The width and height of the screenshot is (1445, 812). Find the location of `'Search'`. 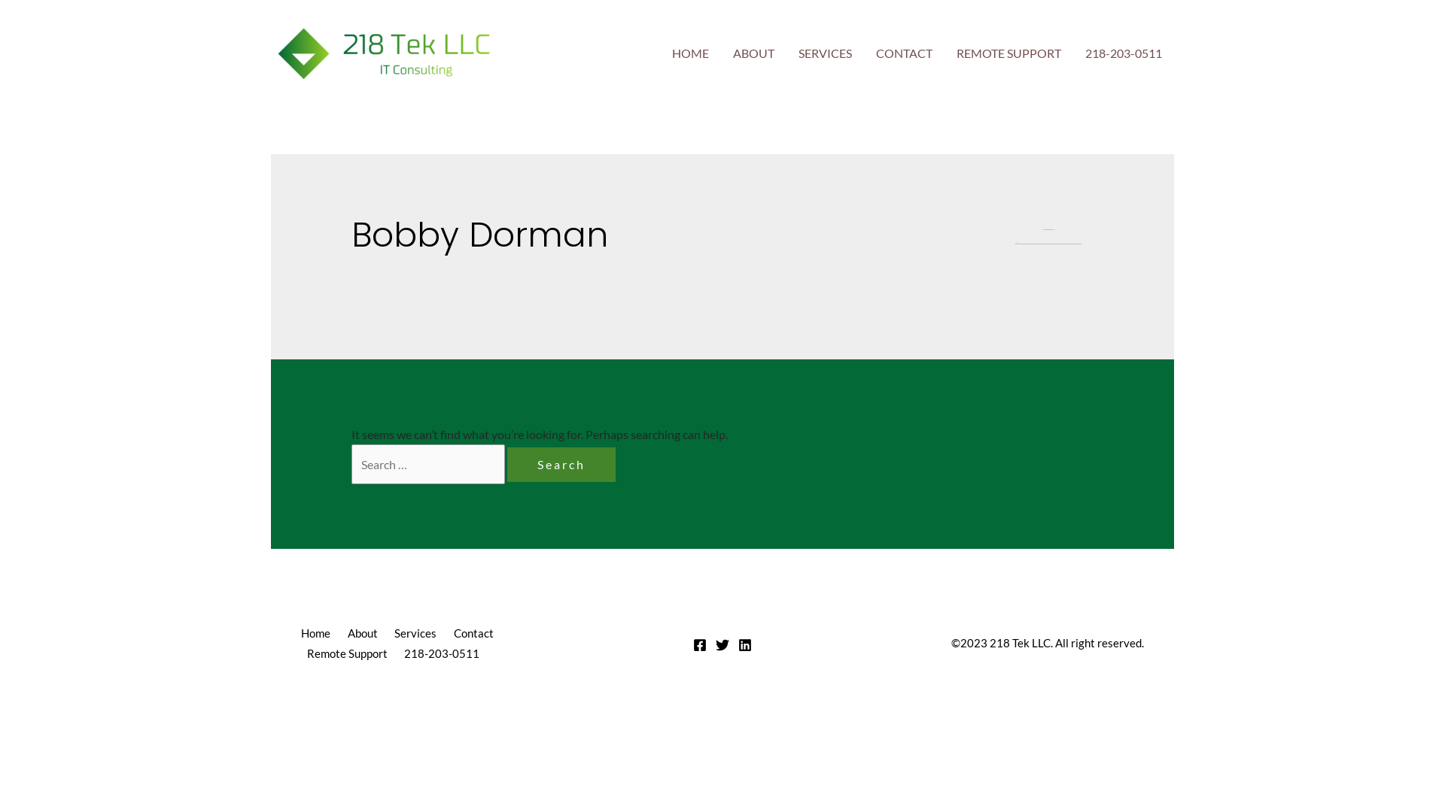

'Search' is located at coordinates (560, 463).